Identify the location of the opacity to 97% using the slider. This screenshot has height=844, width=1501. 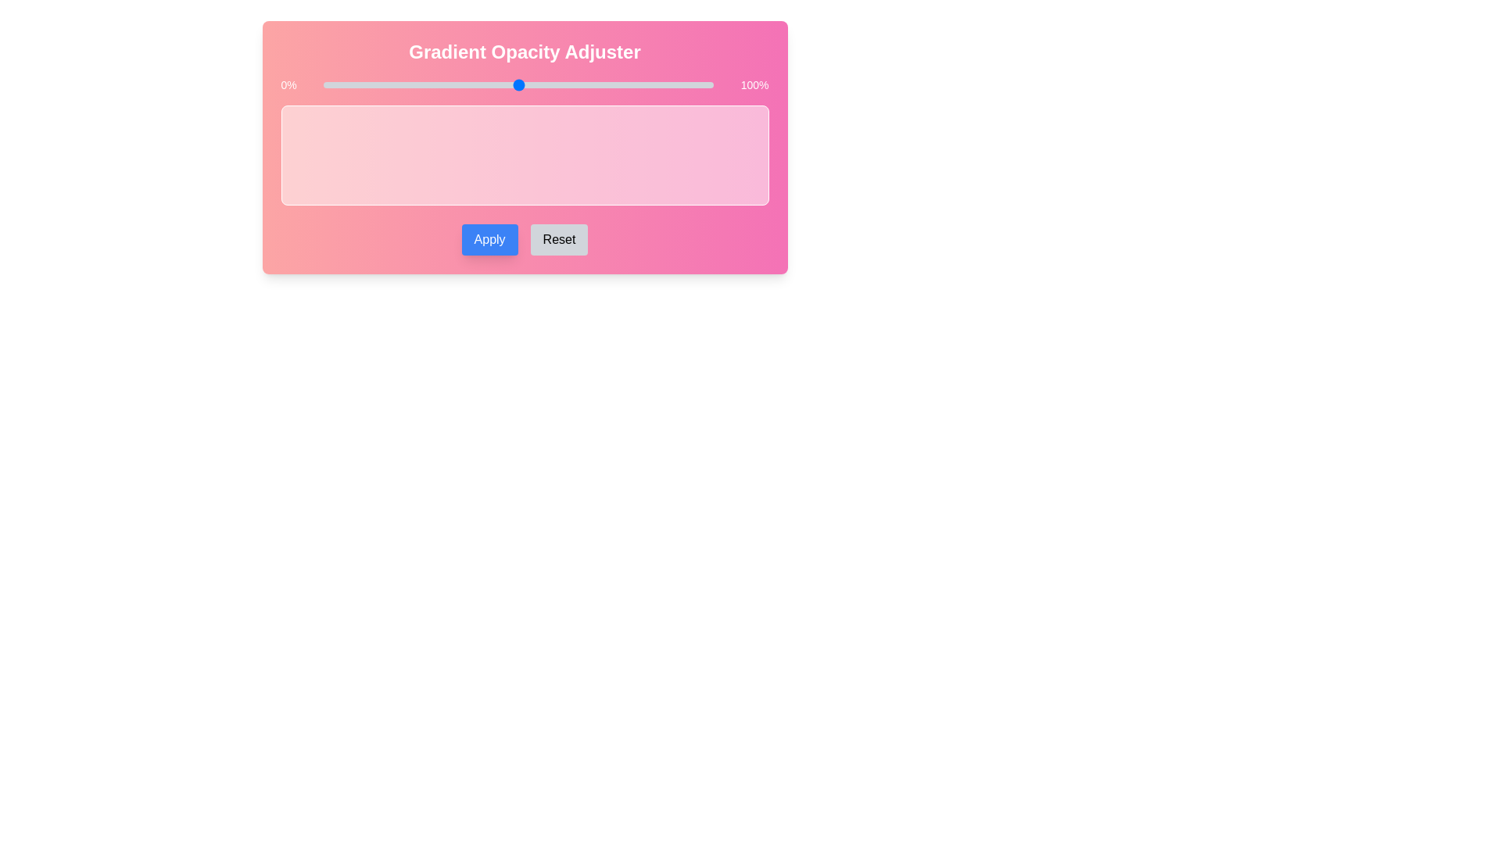
(700, 84).